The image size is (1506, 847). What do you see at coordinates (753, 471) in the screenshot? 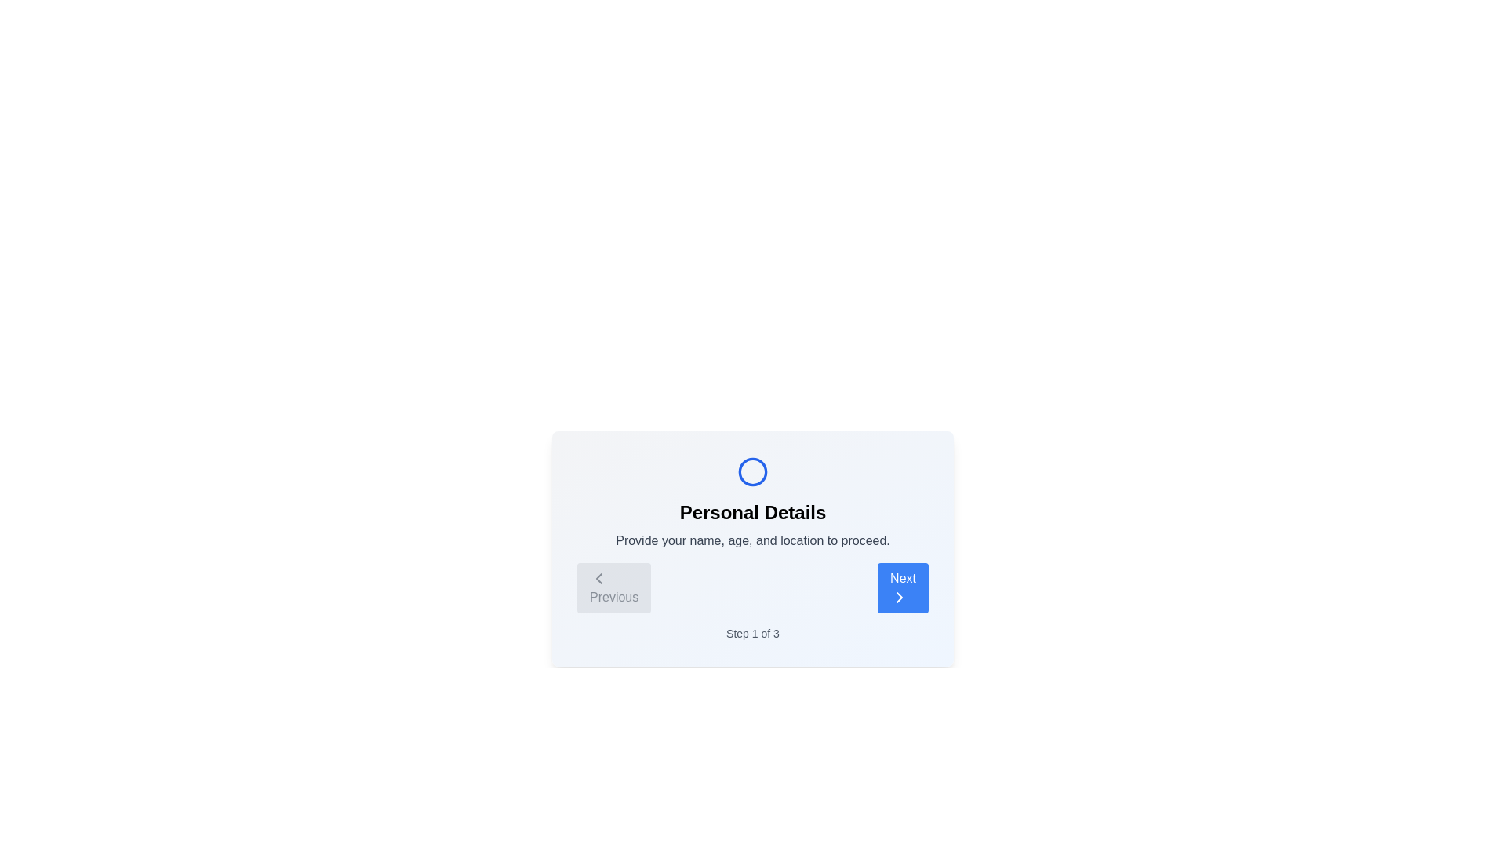
I see `the step icon to provide visual feedback` at bounding box center [753, 471].